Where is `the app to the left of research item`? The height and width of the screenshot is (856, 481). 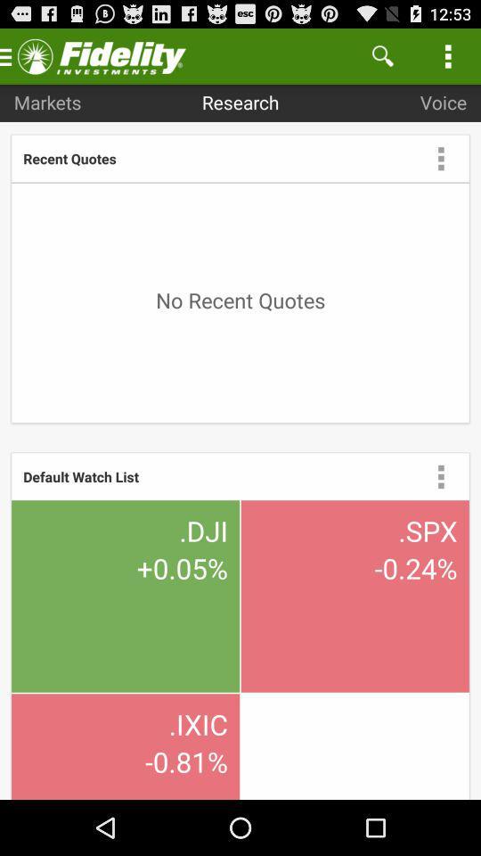 the app to the left of research item is located at coordinates (47, 102).